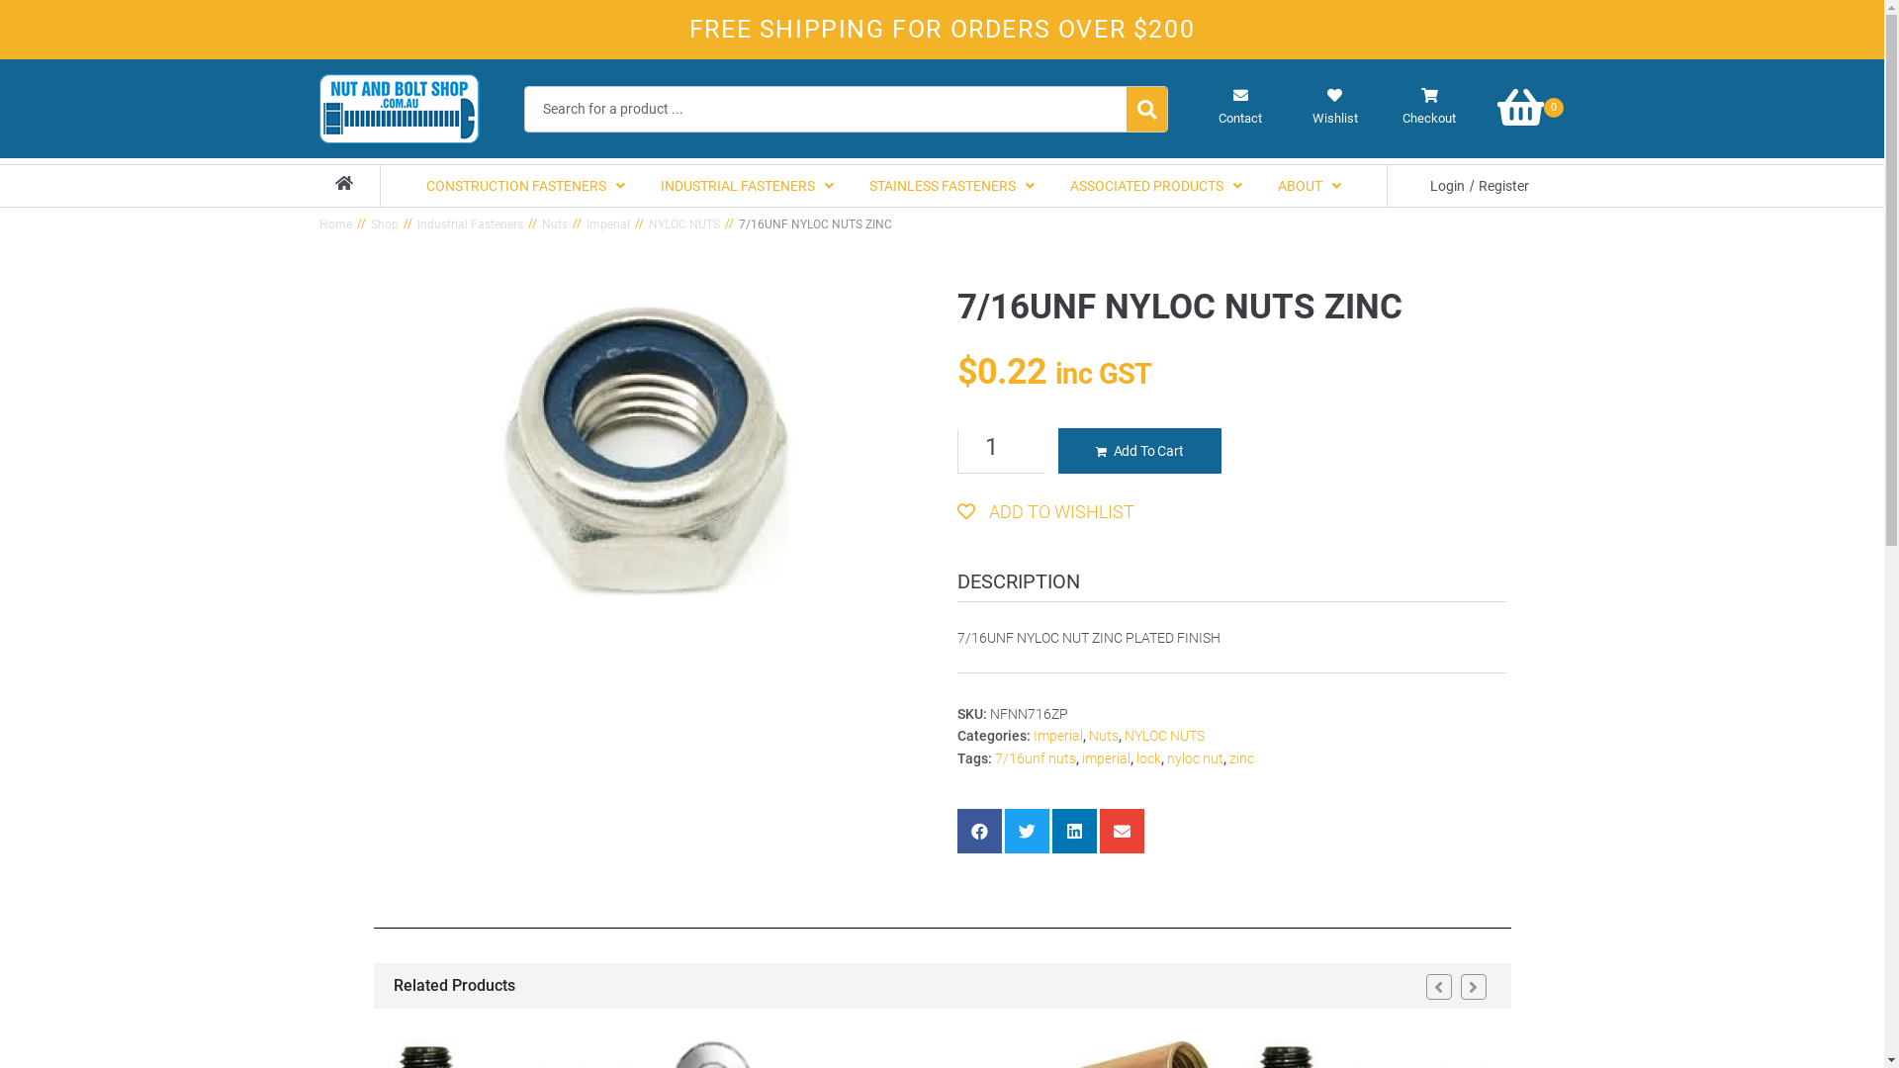 Image resolution: width=1899 pixels, height=1068 pixels. What do you see at coordinates (1101, 736) in the screenshot?
I see `'Nuts'` at bounding box center [1101, 736].